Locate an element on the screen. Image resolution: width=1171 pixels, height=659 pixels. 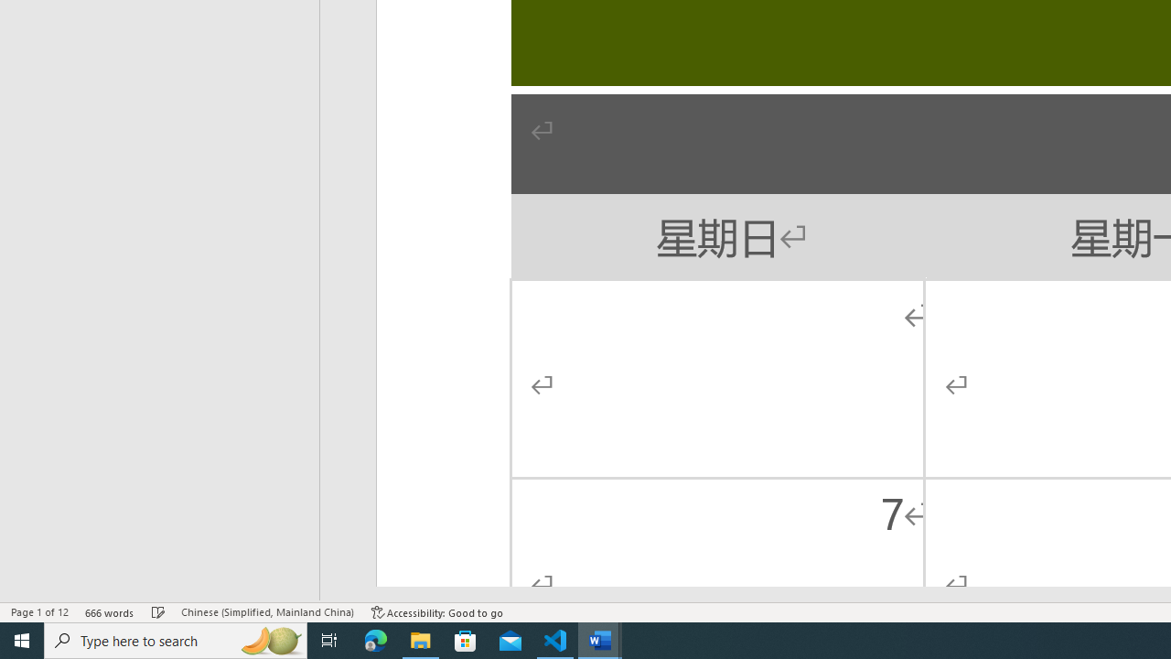
'Word Count 666 words' is located at coordinates (109, 612).